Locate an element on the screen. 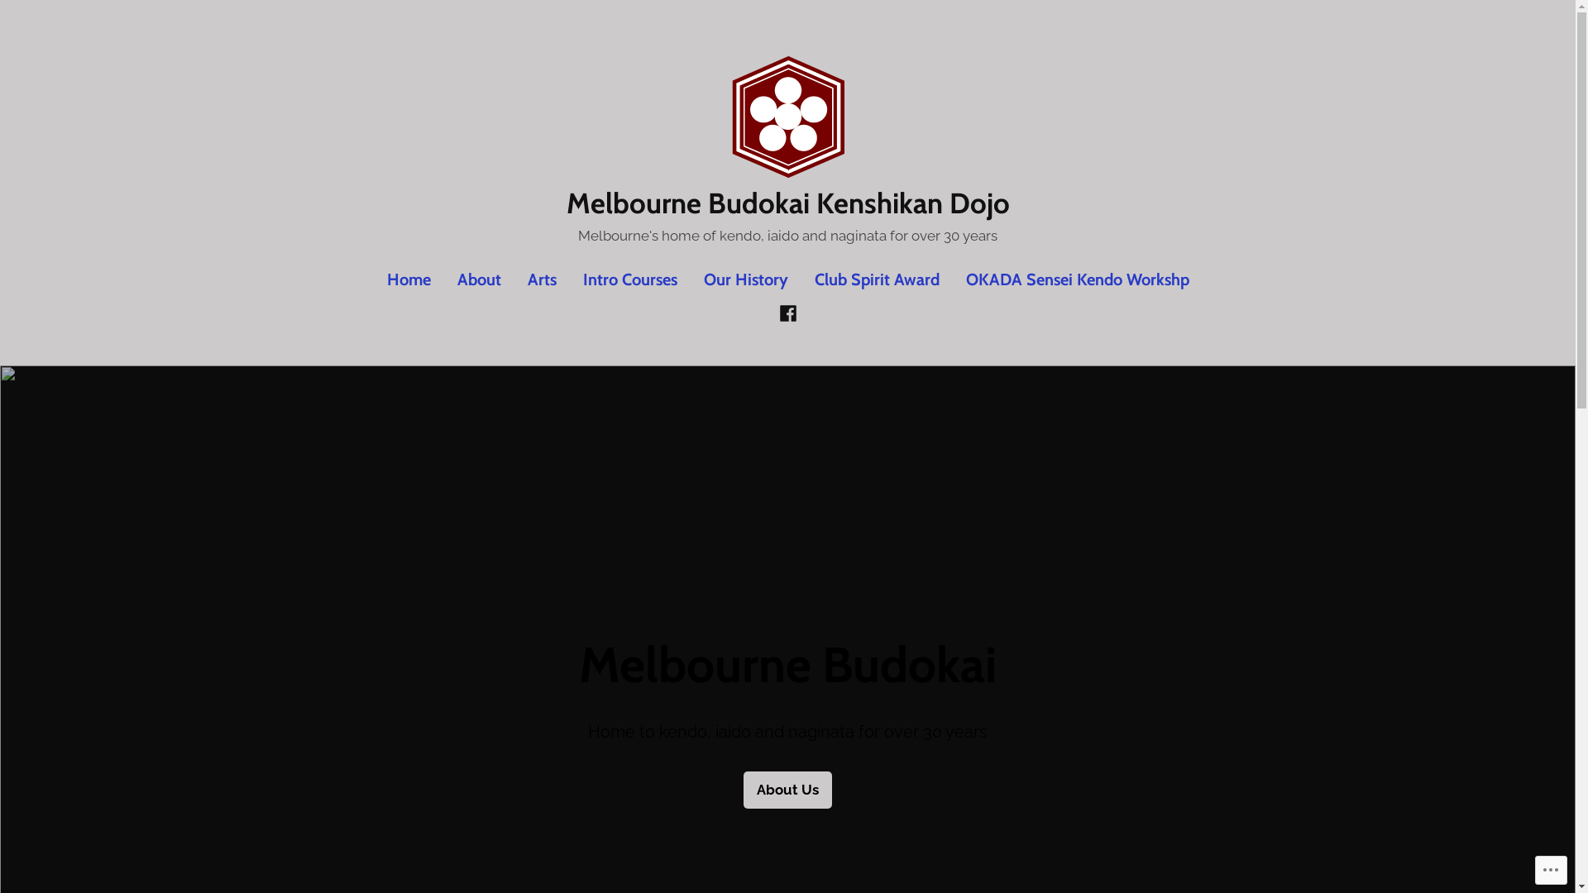  'About' is located at coordinates (477, 278).